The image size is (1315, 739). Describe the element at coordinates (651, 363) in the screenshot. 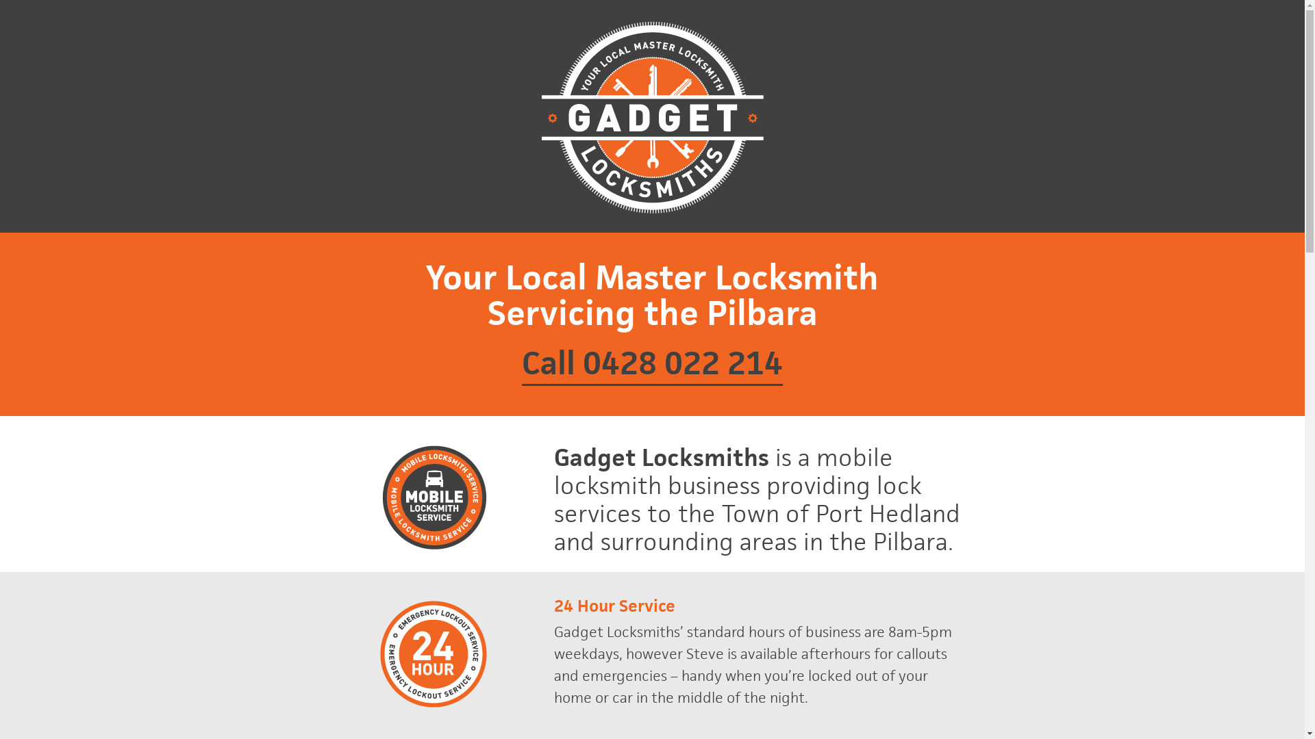

I see `'Call 0428 022 214'` at that location.